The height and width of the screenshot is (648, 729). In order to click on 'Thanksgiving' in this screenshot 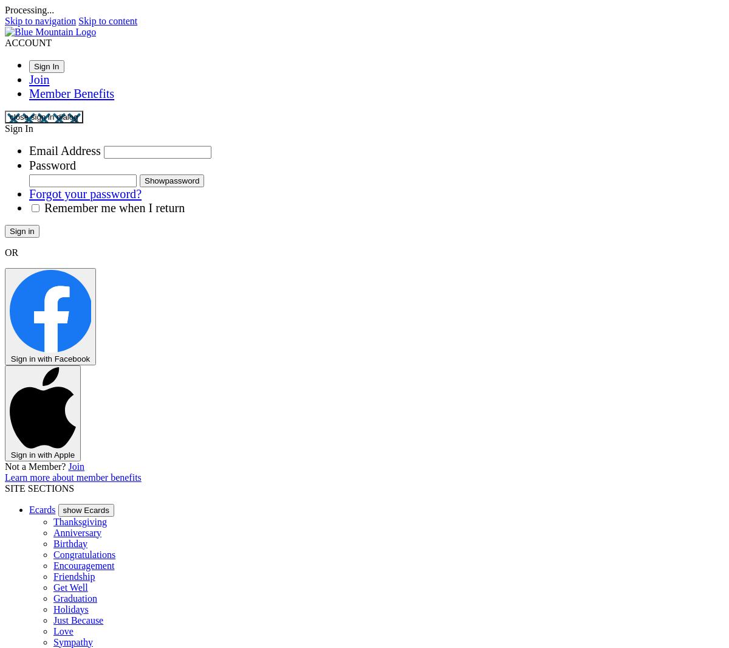, I will do `click(53, 521)`.